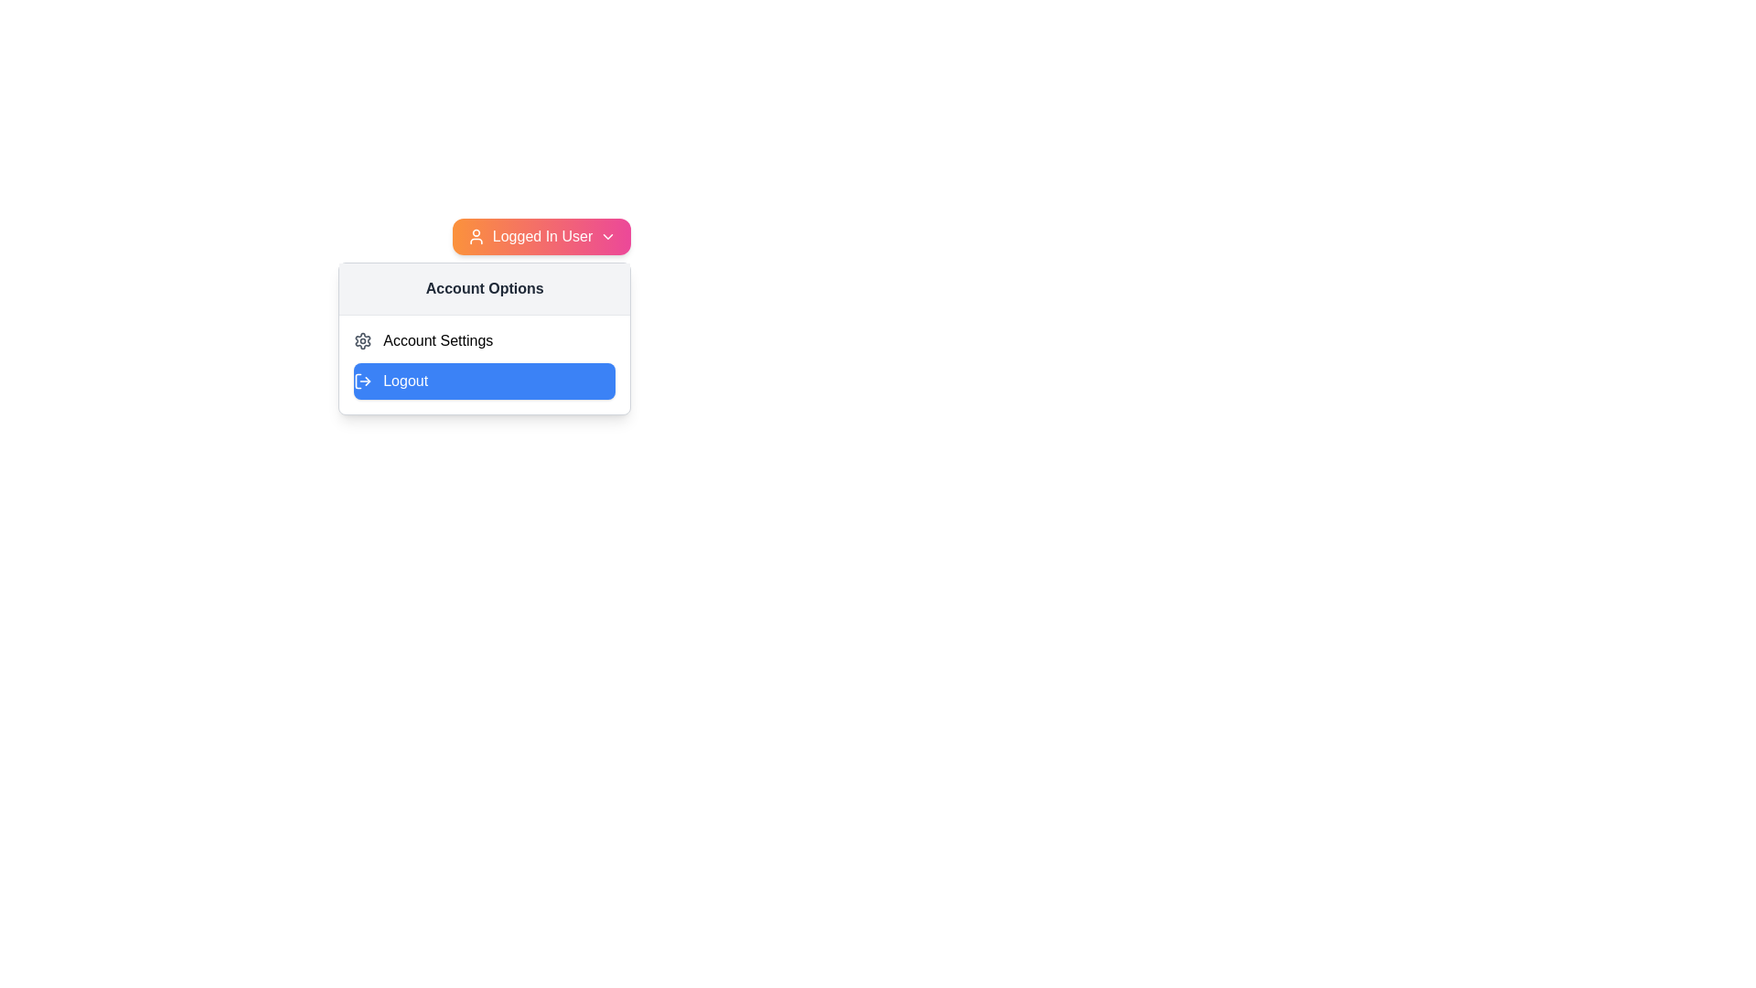  Describe the element at coordinates (485, 341) in the screenshot. I see `the 'Account Settings' label with a gear icon, which is the first item in the 'Account Options' dropdown menu` at that location.